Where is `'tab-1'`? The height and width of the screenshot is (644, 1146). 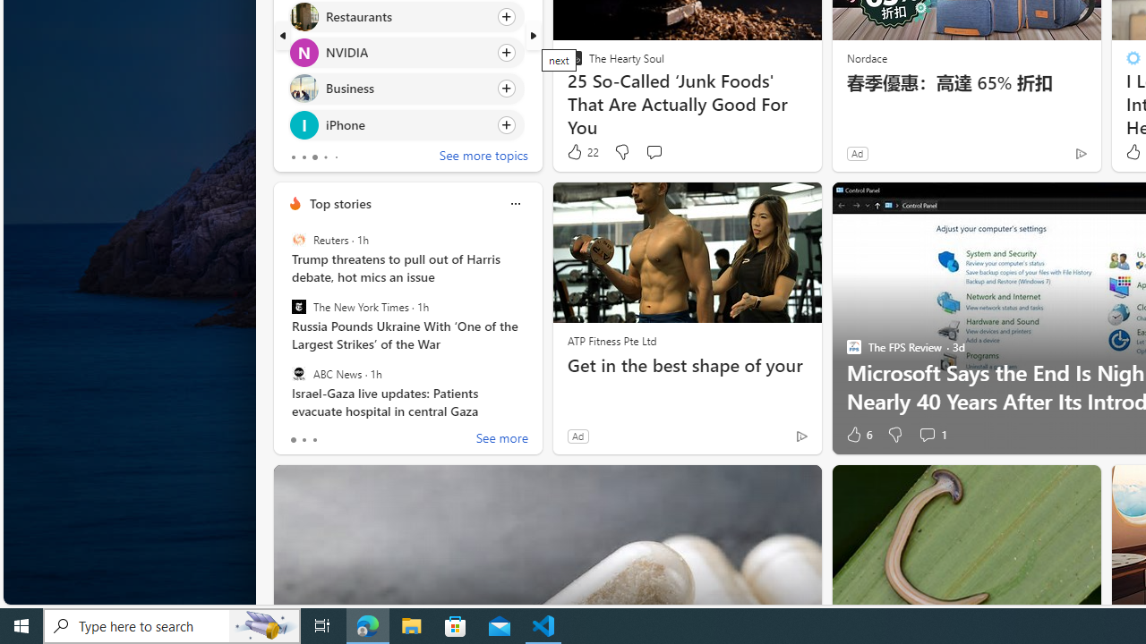
'tab-1' is located at coordinates (304, 440).